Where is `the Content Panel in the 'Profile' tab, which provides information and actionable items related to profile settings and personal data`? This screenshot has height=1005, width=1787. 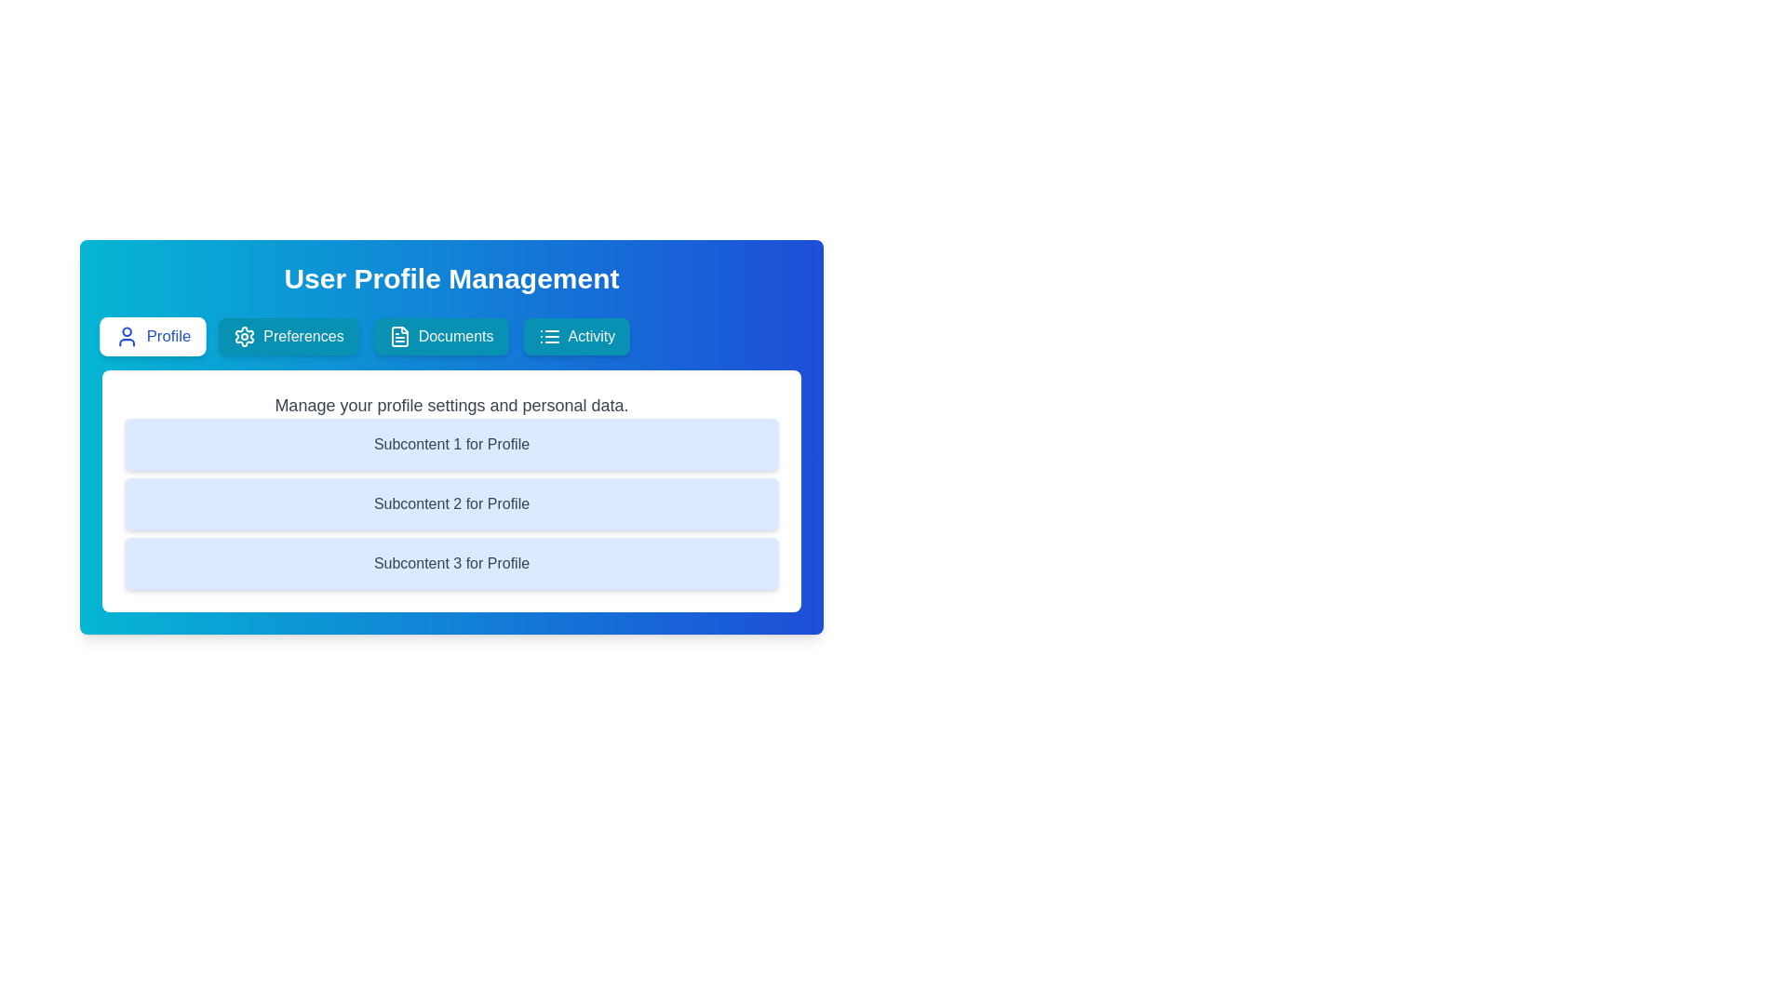 the Content Panel in the 'Profile' tab, which provides information and actionable items related to profile settings and personal data is located at coordinates (451, 490).